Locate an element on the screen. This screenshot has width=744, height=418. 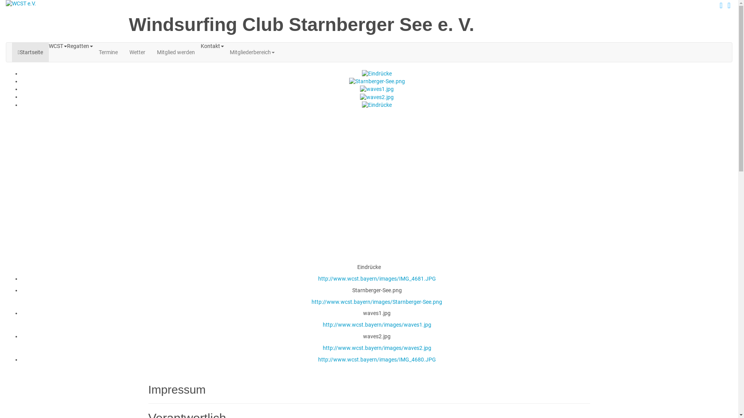
'http://www.wcst.bayern/images/IMG_4680.JPG' is located at coordinates (376, 360).